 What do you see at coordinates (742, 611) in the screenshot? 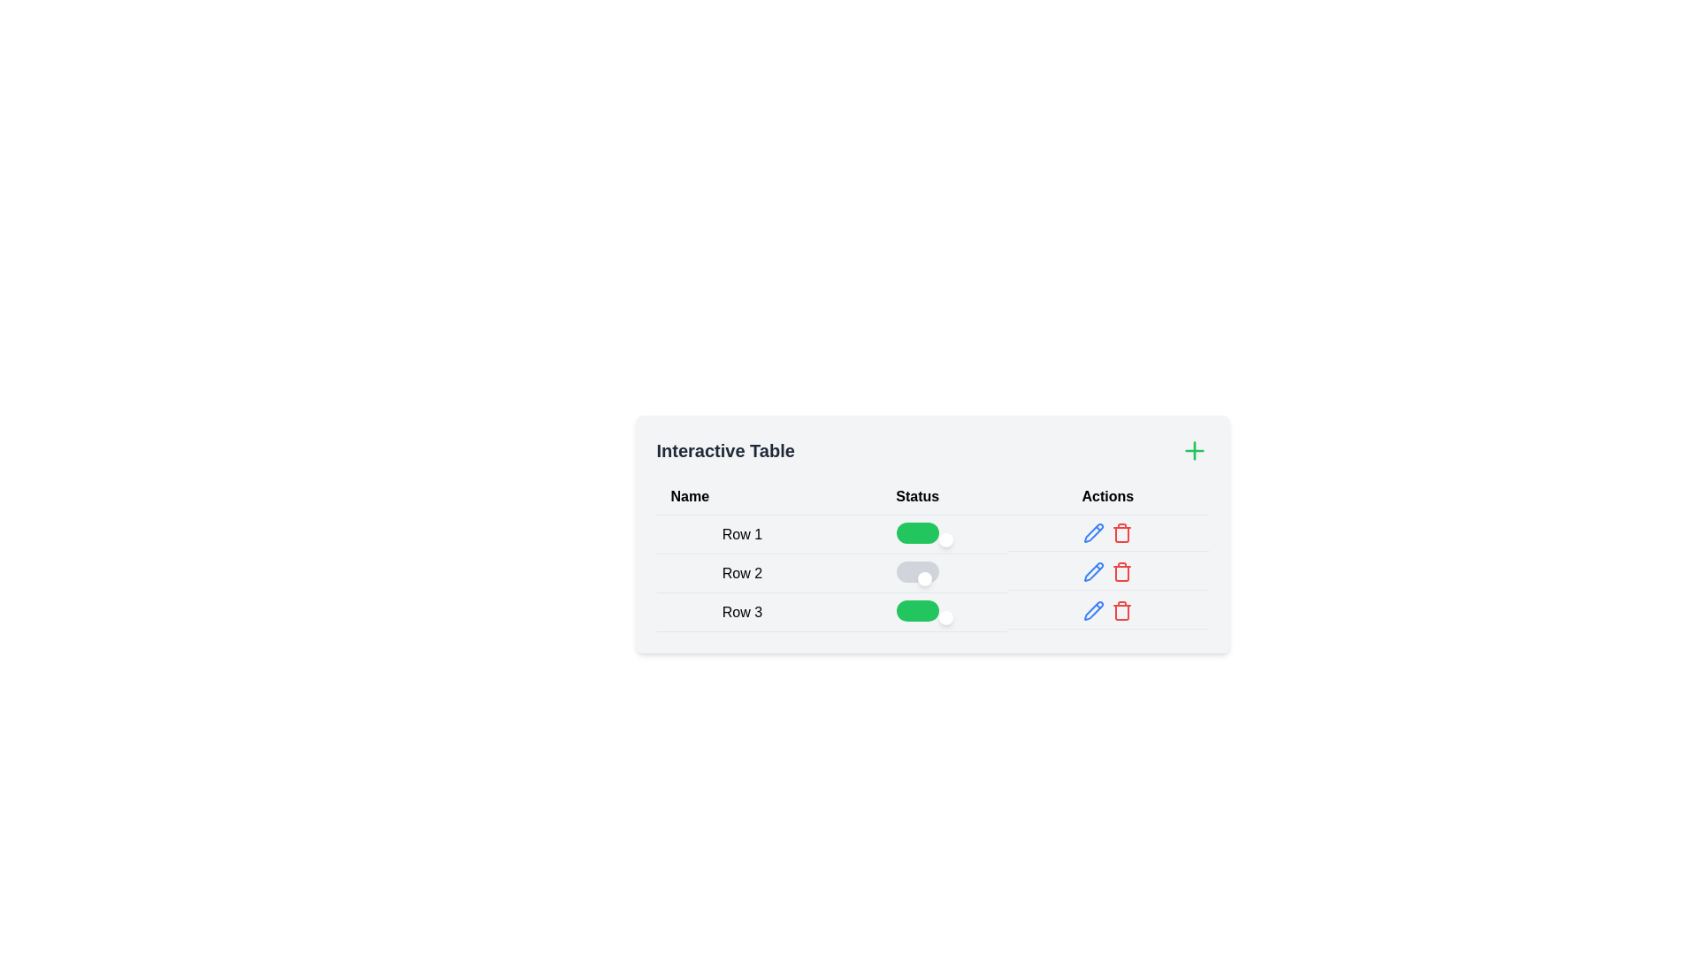
I see `the table cell displaying 'Row 3', which is the first cell in the third row under the 'Name' column` at bounding box center [742, 611].